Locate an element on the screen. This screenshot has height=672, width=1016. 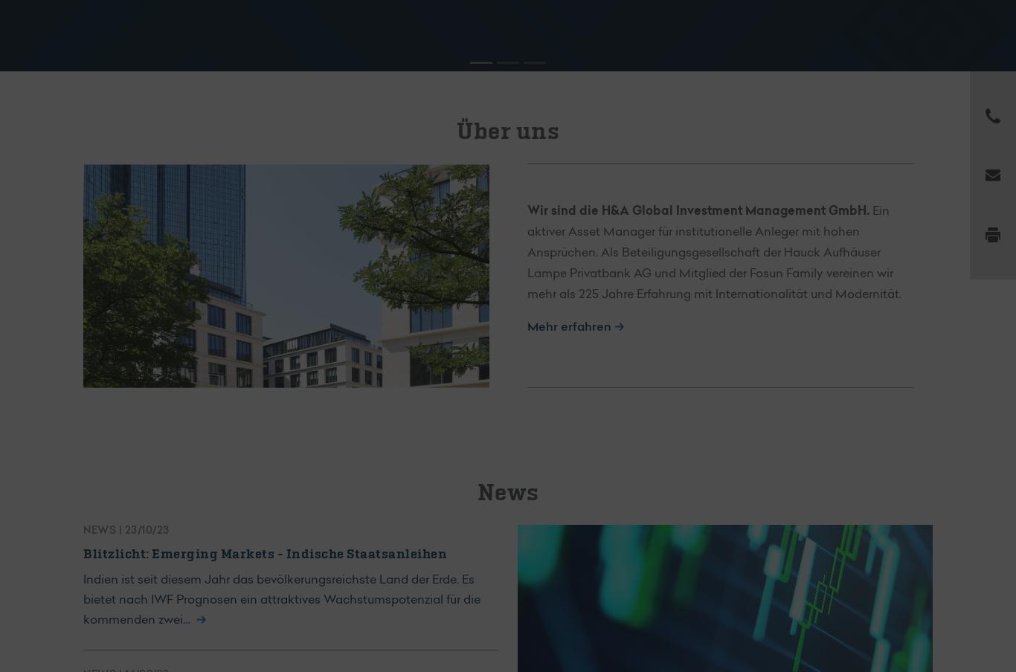
'Über uns' is located at coordinates (508, 132).